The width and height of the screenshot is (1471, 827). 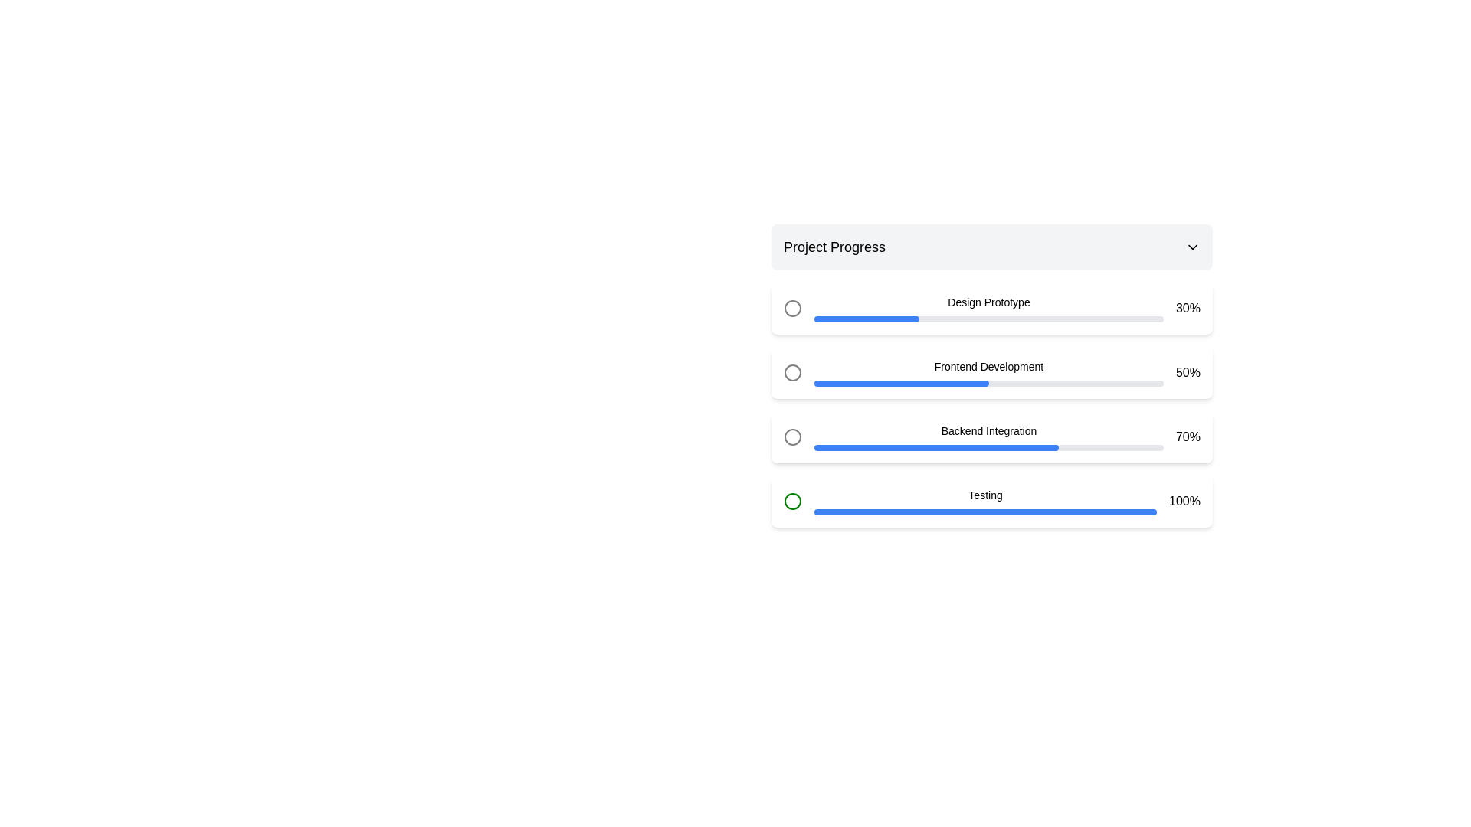 I want to click on the Circle icon representing the 'Backend Integration' task's status in the progress tracker interface, so click(x=793, y=436).